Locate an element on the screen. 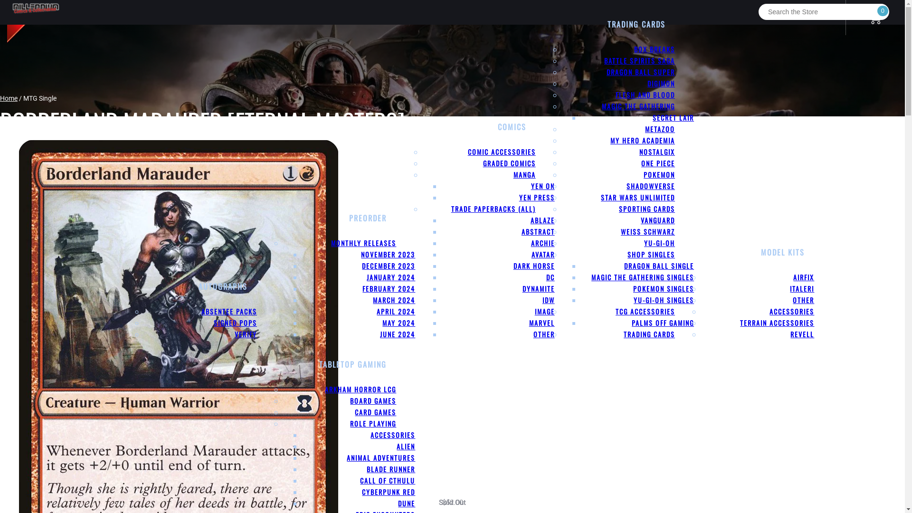 The width and height of the screenshot is (912, 513). 'DYNAMITE' is located at coordinates (538, 288).